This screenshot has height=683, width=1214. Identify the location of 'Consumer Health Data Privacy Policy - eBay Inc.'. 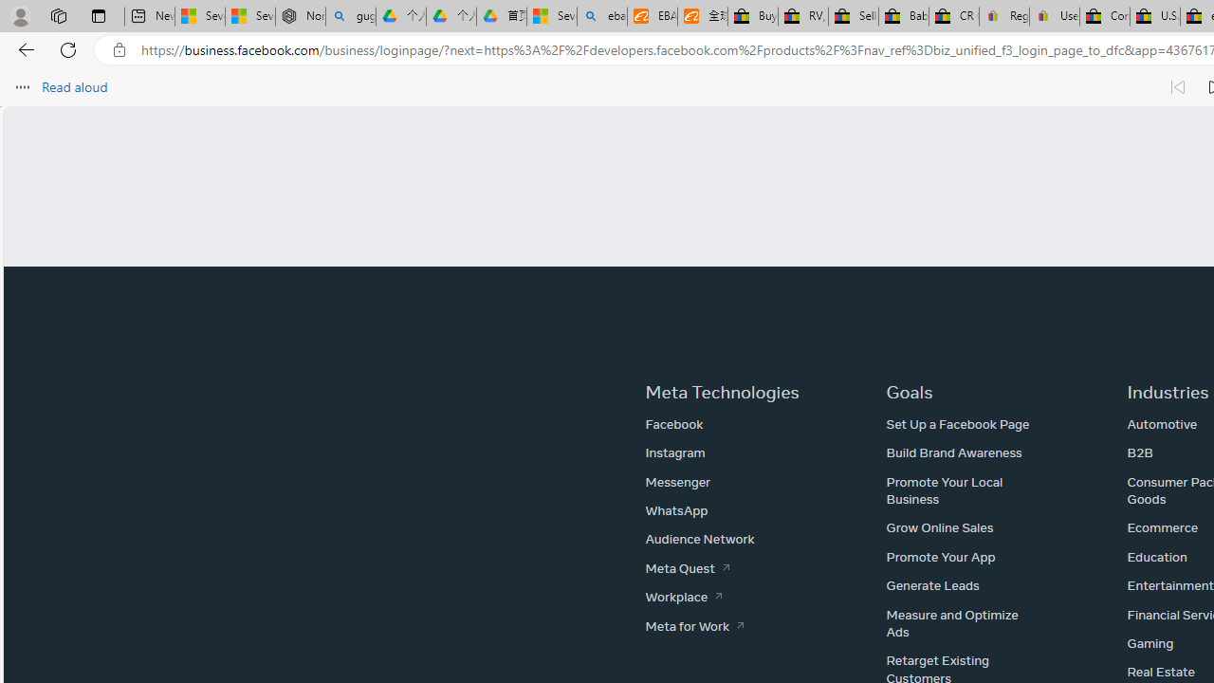
(1105, 16).